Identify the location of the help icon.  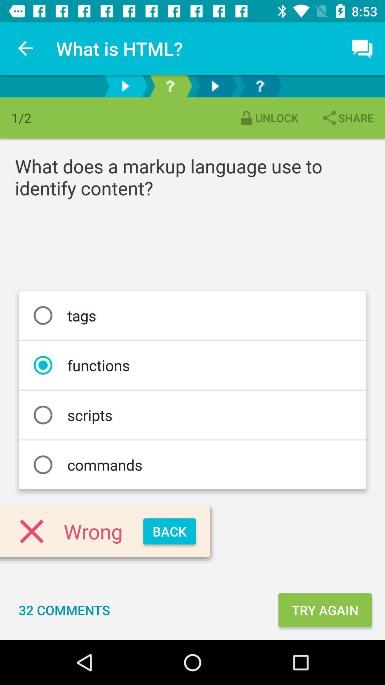
(260, 86).